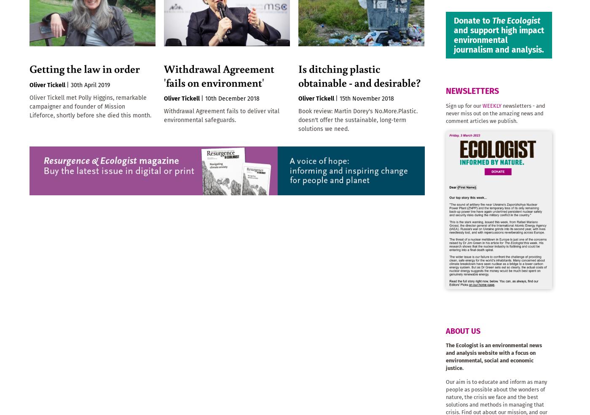  What do you see at coordinates (495, 113) in the screenshot?
I see `'newsletters - and never miss out on the amazing news and comment articles we publish.'` at bounding box center [495, 113].